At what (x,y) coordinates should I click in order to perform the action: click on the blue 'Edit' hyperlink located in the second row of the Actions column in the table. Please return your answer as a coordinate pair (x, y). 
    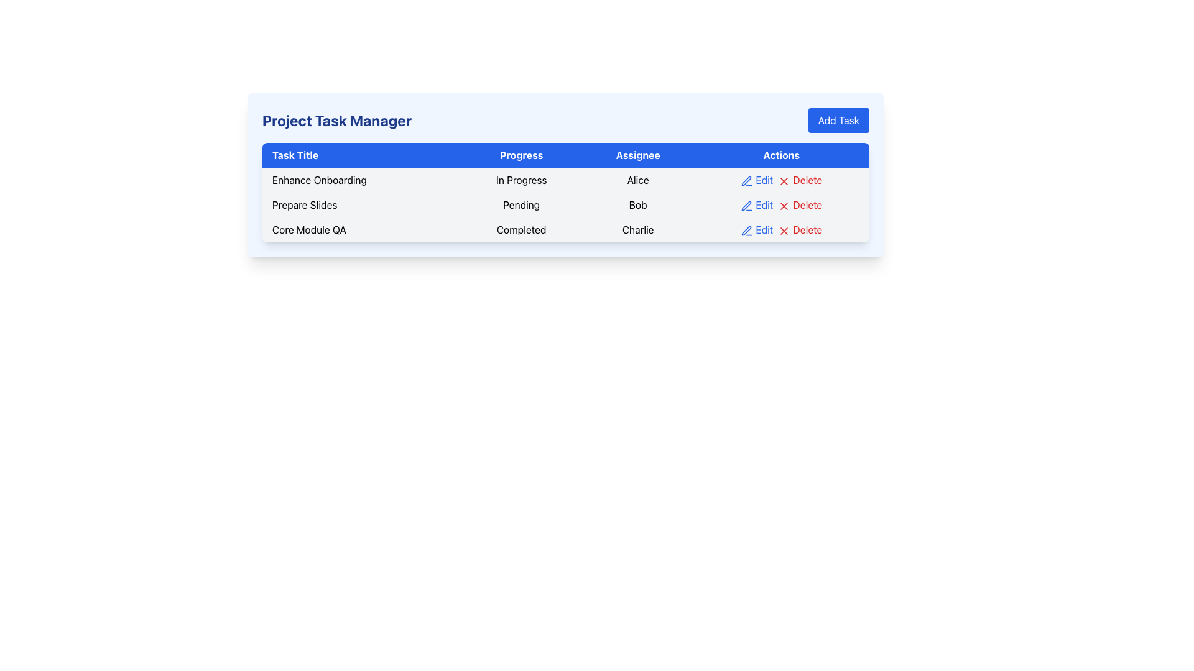
    Looking at the image, I should click on (756, 204).